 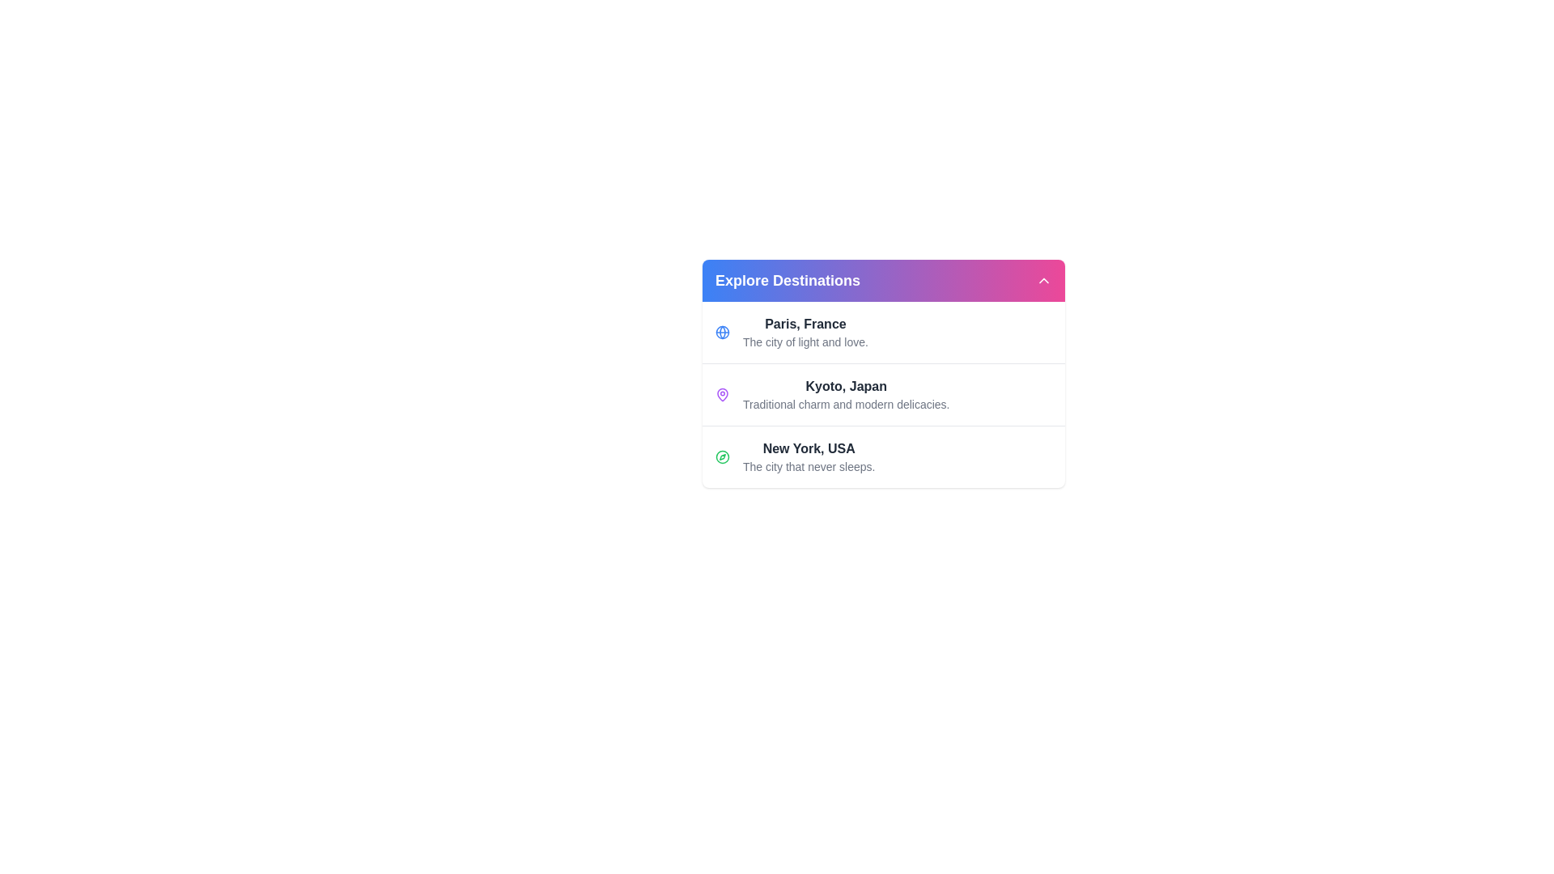 What do you see at coordinates (845, 404) in the screenshot?
I see `the descriptive text element located beneath 'Kyoto, Japan' in the list under the header 'Explore Destinations.'` at bounding box center [845, 404].